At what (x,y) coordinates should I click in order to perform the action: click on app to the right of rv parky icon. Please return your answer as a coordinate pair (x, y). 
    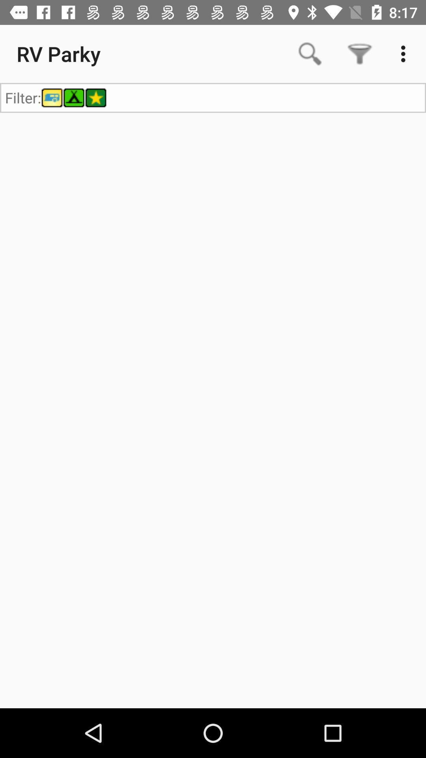
    Looking at the image, I should click on (310, 53).